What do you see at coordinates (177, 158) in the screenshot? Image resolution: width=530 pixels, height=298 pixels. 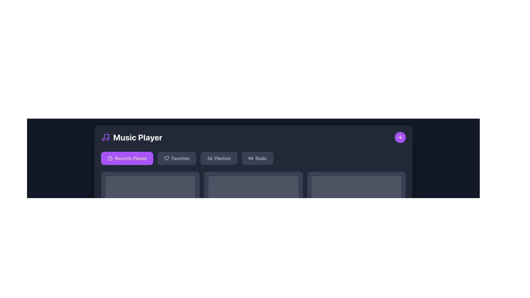 I see `the 'Favorites' button, which is the second button from the left in the row below the 'Music Player' header` at bounding box center [177, 158].